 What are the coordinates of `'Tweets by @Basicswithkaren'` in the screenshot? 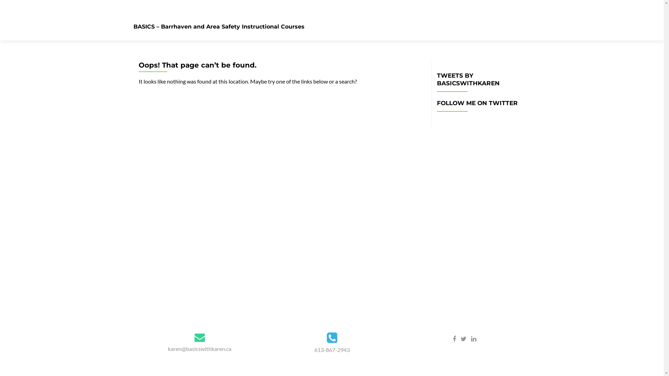 It's located at (481, 123).